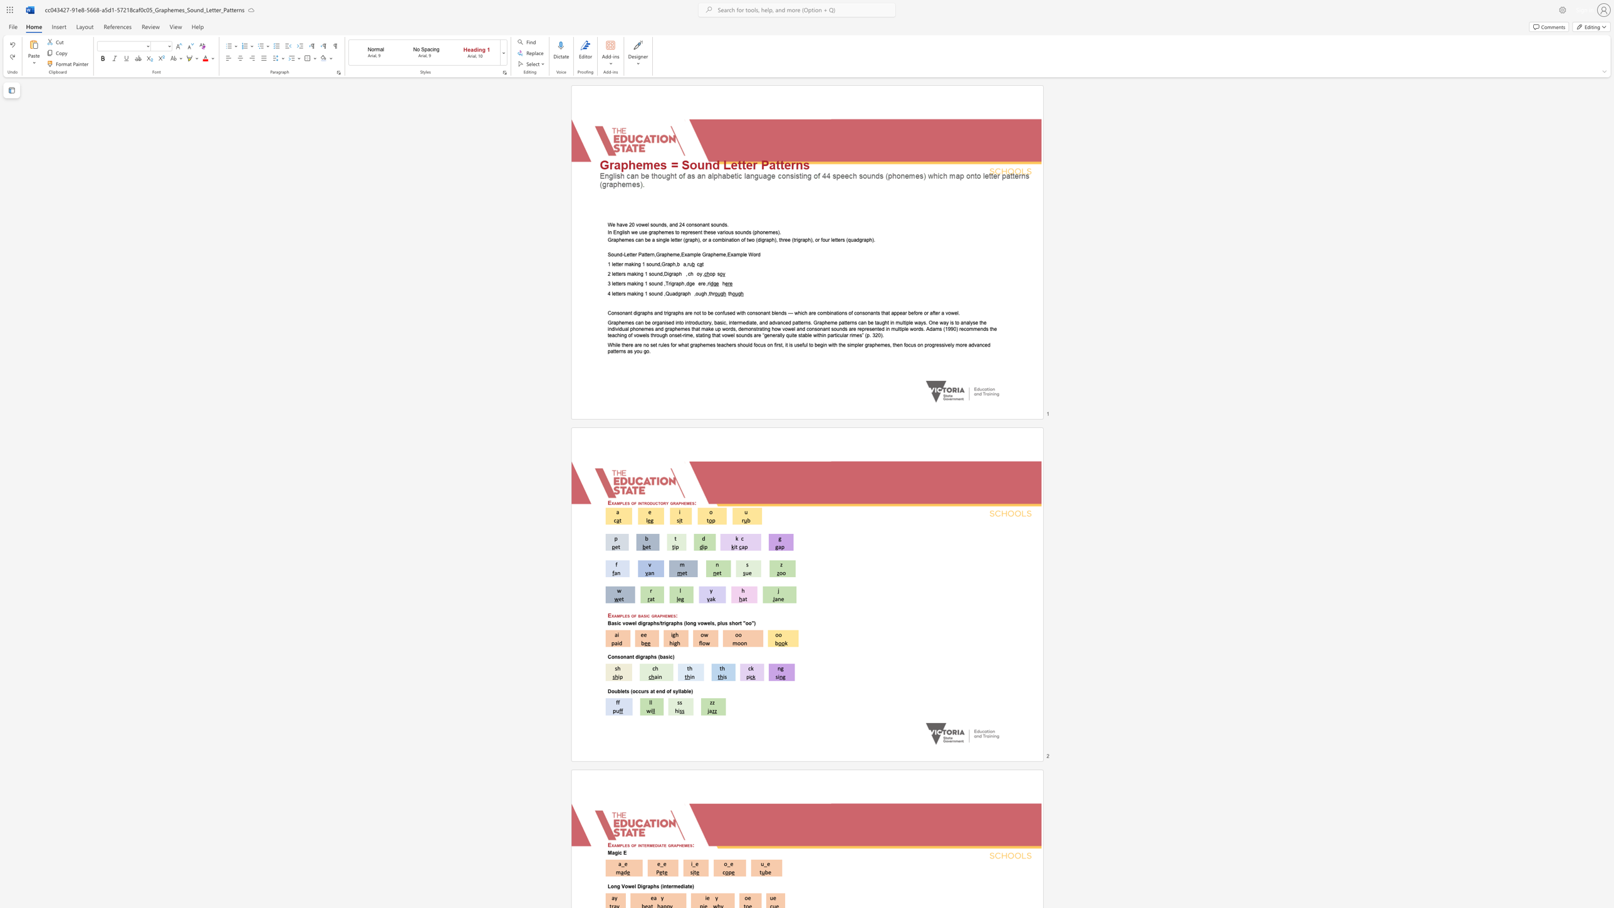 The image size is (1614, 908). What do you see at coordinates (679, 254) in the screenshot?
I see `the subset text ",Example Grapheme,Exa" within the text "Sound-Letter Pattern,Grapheme,Example Grapheme,Example Word"` at bounding box center [679, 254].